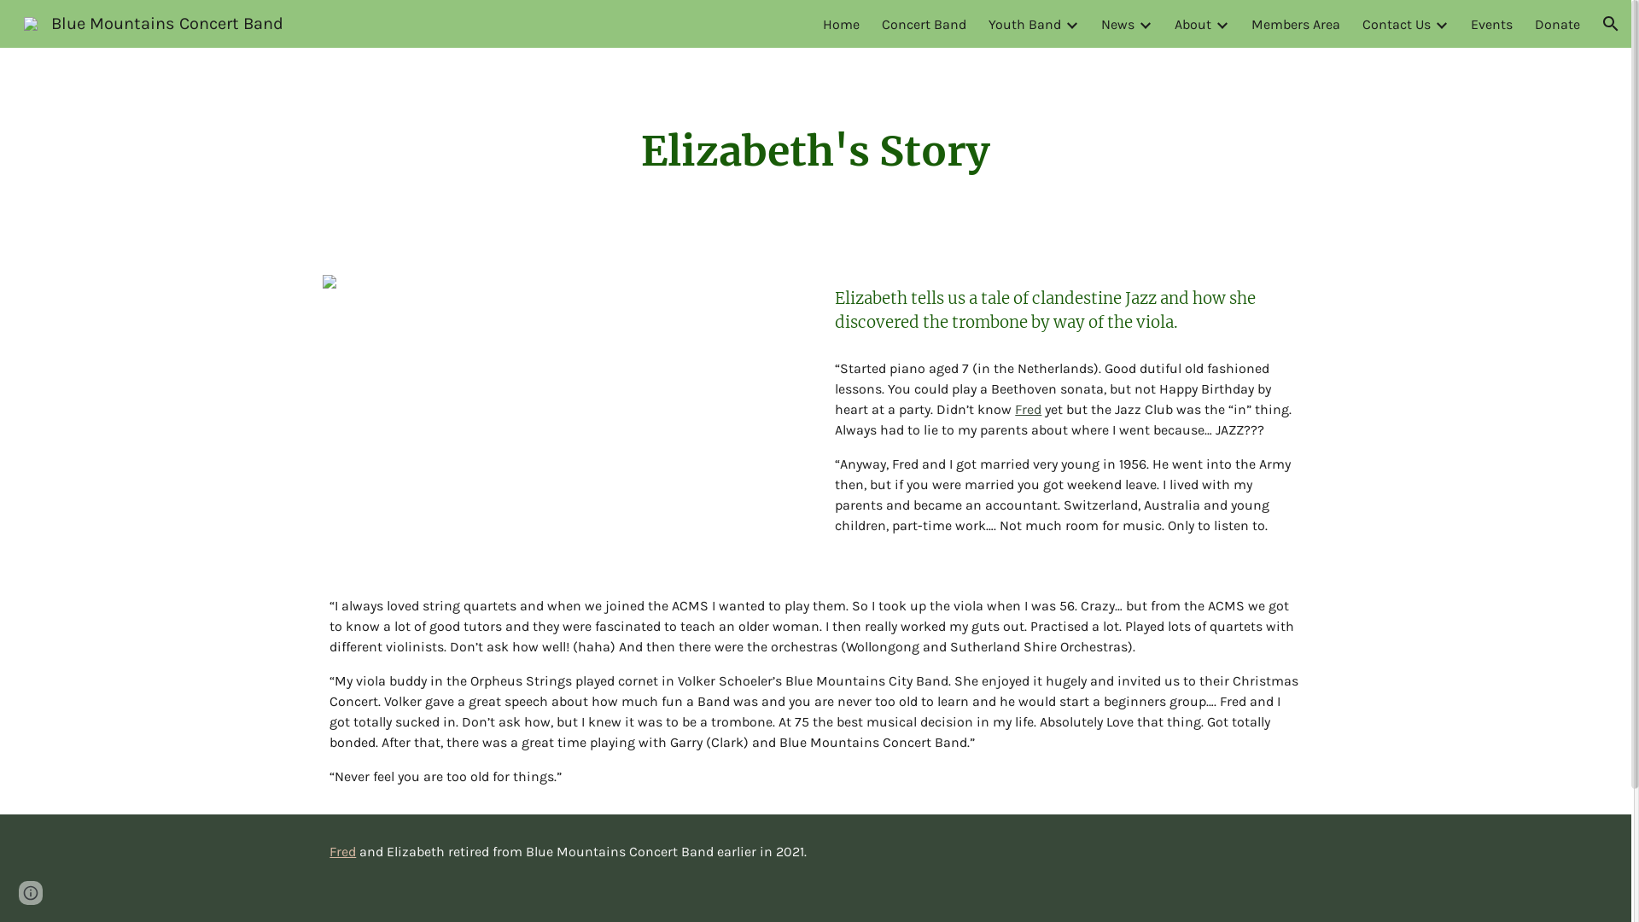 The image size is (1639, 922). Describe the element at coordinates (1144, 23) in the screenshot. I see `'Expand/Collapse'` at that location.